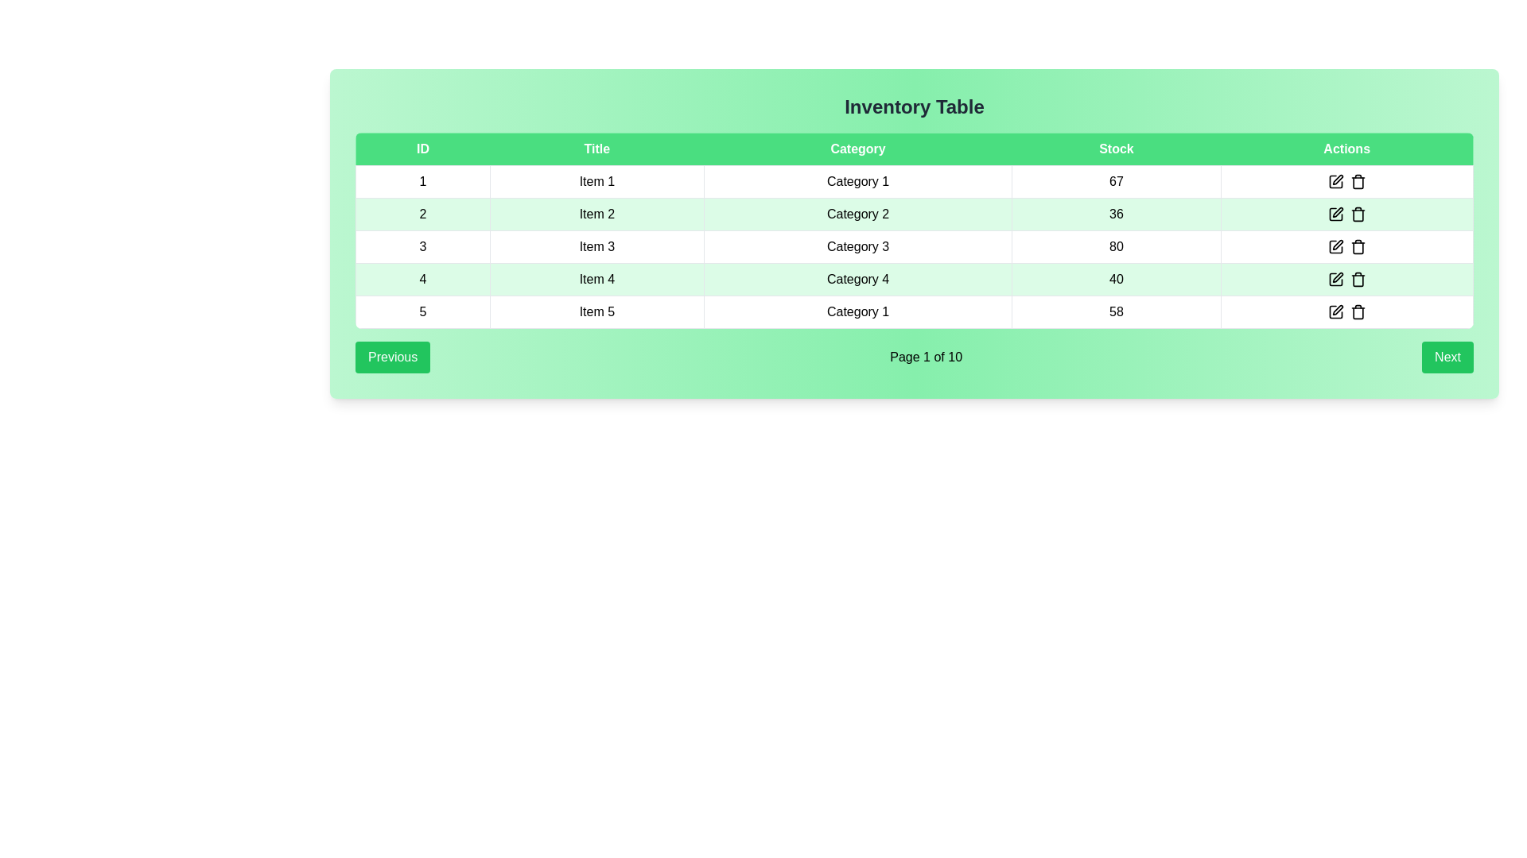 The height and width of the screenshot is (858, 1527). What do you see at coordinates (1346, 312) in the screenshot?
I see `the composite element consisting of two buttons represented as icons, which include a pencil icon for editing and a trash bin icon for deletion` at bounding box center [1346, 312].